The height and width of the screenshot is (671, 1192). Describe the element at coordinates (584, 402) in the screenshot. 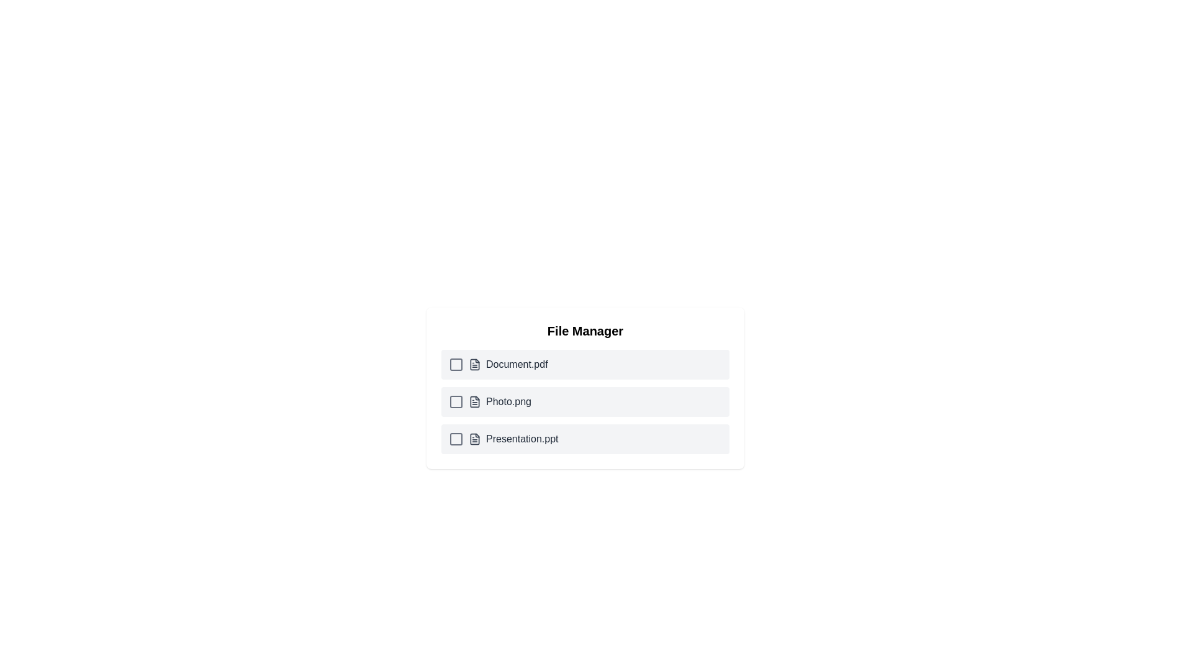

I see `the List item labeled 'Photo.png' in the File Manager` at that location.